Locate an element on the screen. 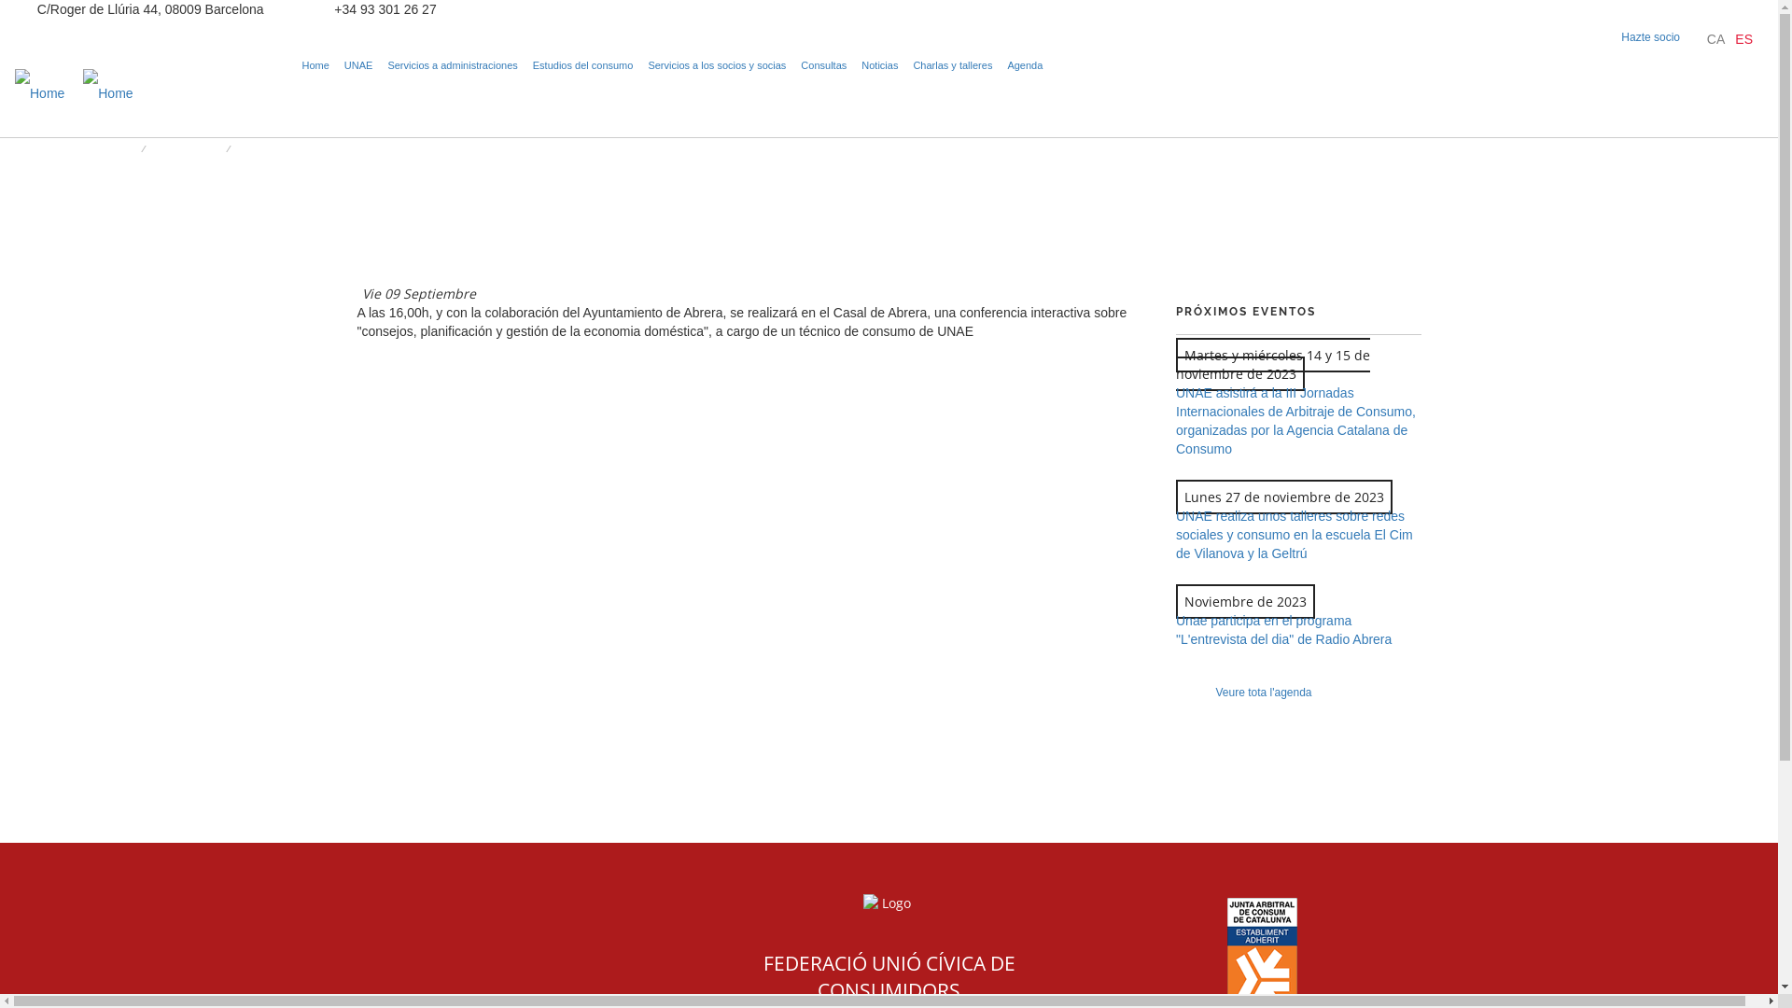 The image size is (1792, 1008). 'Hazte socio' is located at coordinates (1650, 36).